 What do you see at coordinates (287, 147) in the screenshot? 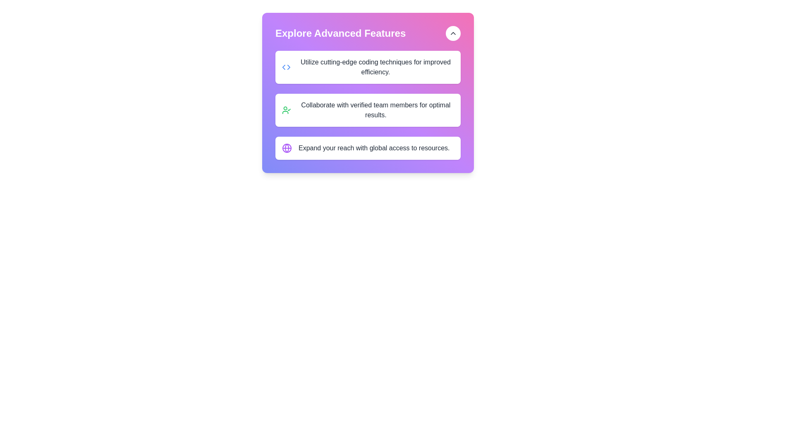
I see `the purple circular outline of the globe icon, which is the central part of the globe graphic in the second listing entry` at bounding box center [287, 147].